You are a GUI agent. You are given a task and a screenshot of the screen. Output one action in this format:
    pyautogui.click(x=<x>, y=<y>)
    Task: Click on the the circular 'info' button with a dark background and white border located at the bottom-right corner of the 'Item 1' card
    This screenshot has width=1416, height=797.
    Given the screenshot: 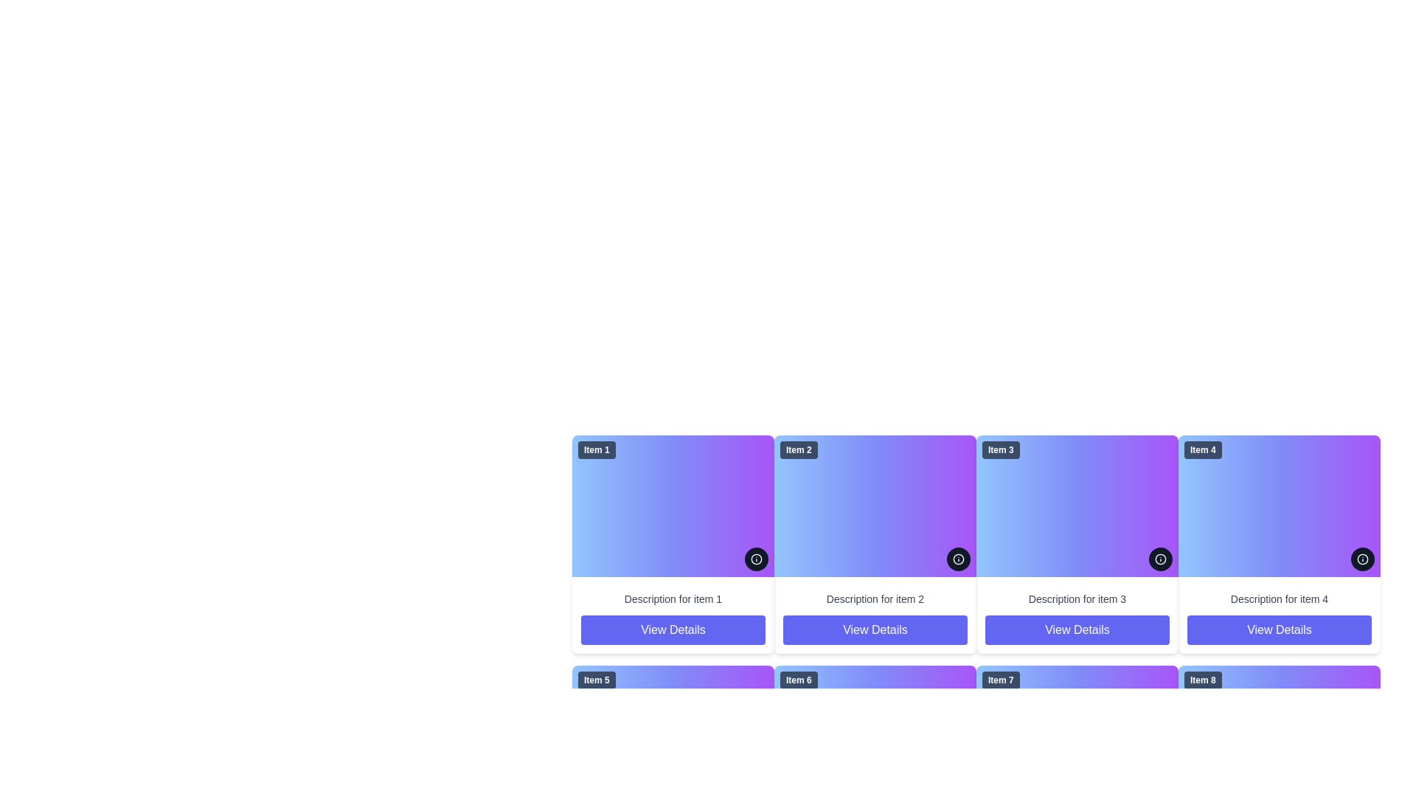 What is the action you would take?
    pyautogui.click(x=757, y=559)
    